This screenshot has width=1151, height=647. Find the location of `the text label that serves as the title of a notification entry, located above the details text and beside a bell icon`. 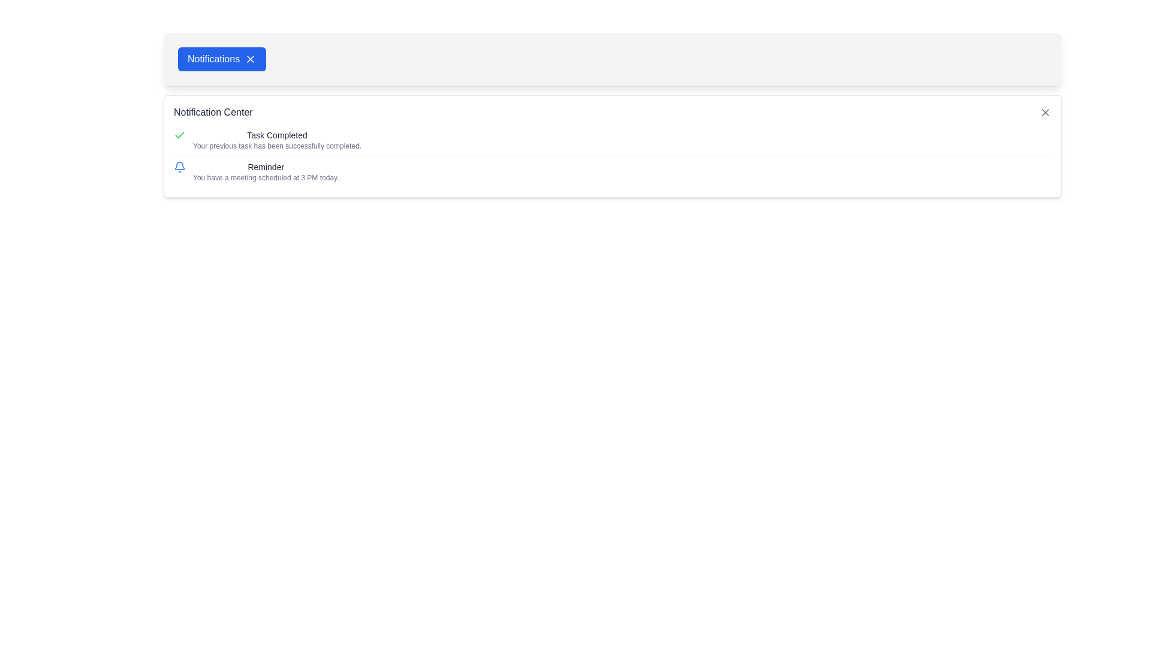

the text label that serves as the title of a notification entry, located above the details text and beside a bell icon is located at coordinates (265, 167).